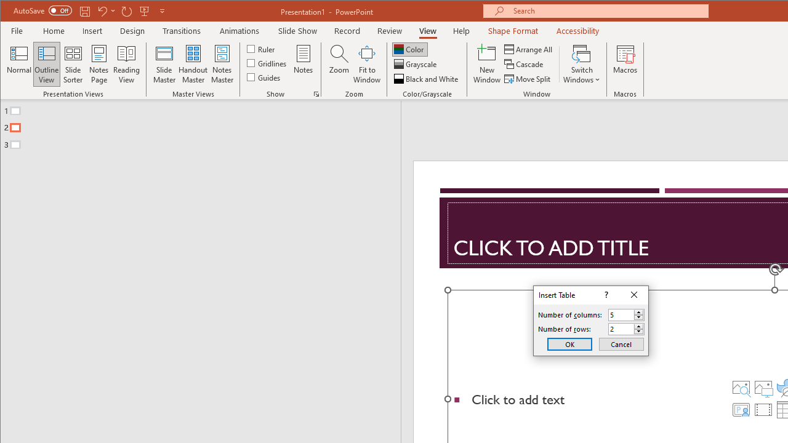 The height and width of the screenshot is (443, 788). Describe the element at coordinates (569, 344) in the screenshot. I see `'OK'` at that location.